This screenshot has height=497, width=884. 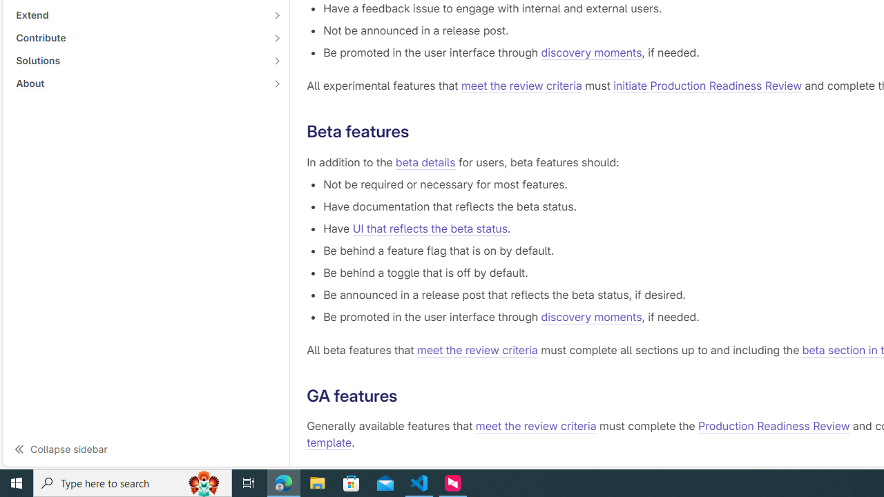 What do you see at coordinates (138, 59) in the screenshot?
I see `'Solutions'` at bounding box center [138, 59].